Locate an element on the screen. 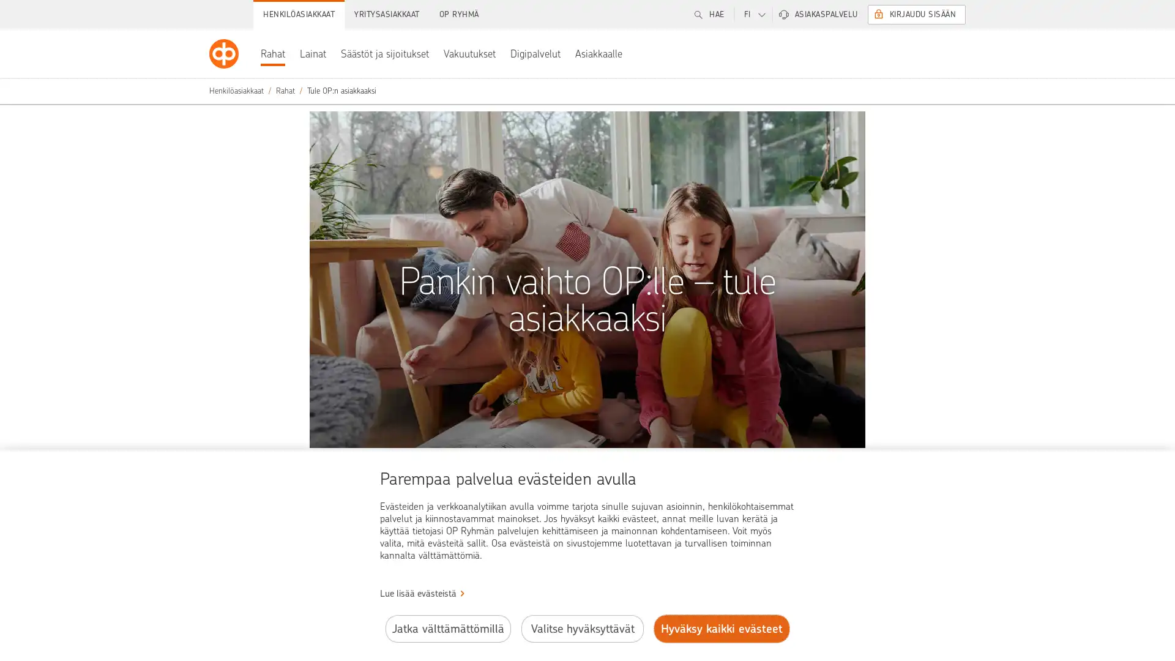 The width and height of the screenshot is (1175, 661). Valitse hyvaksyttavat evasteet. is located at coordinates (581, 629).